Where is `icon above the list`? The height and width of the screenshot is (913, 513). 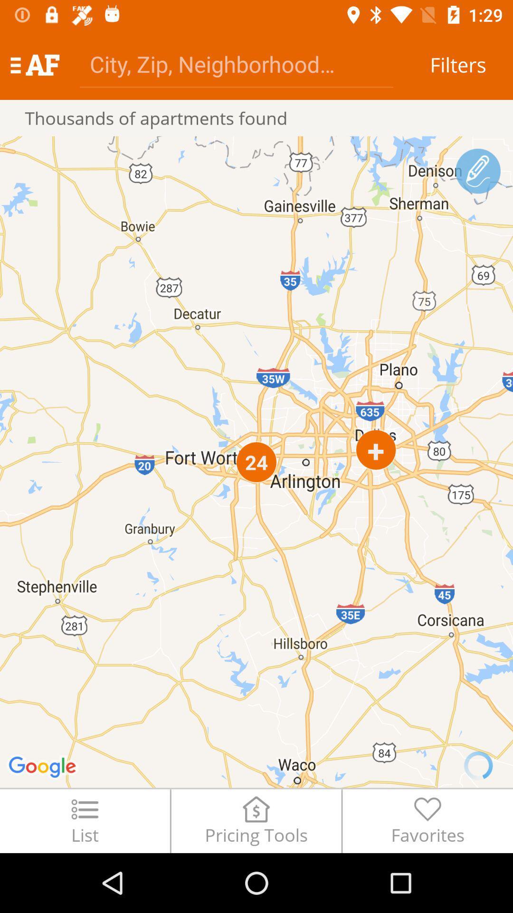
icon above the list is located at coordinates (256, 462).